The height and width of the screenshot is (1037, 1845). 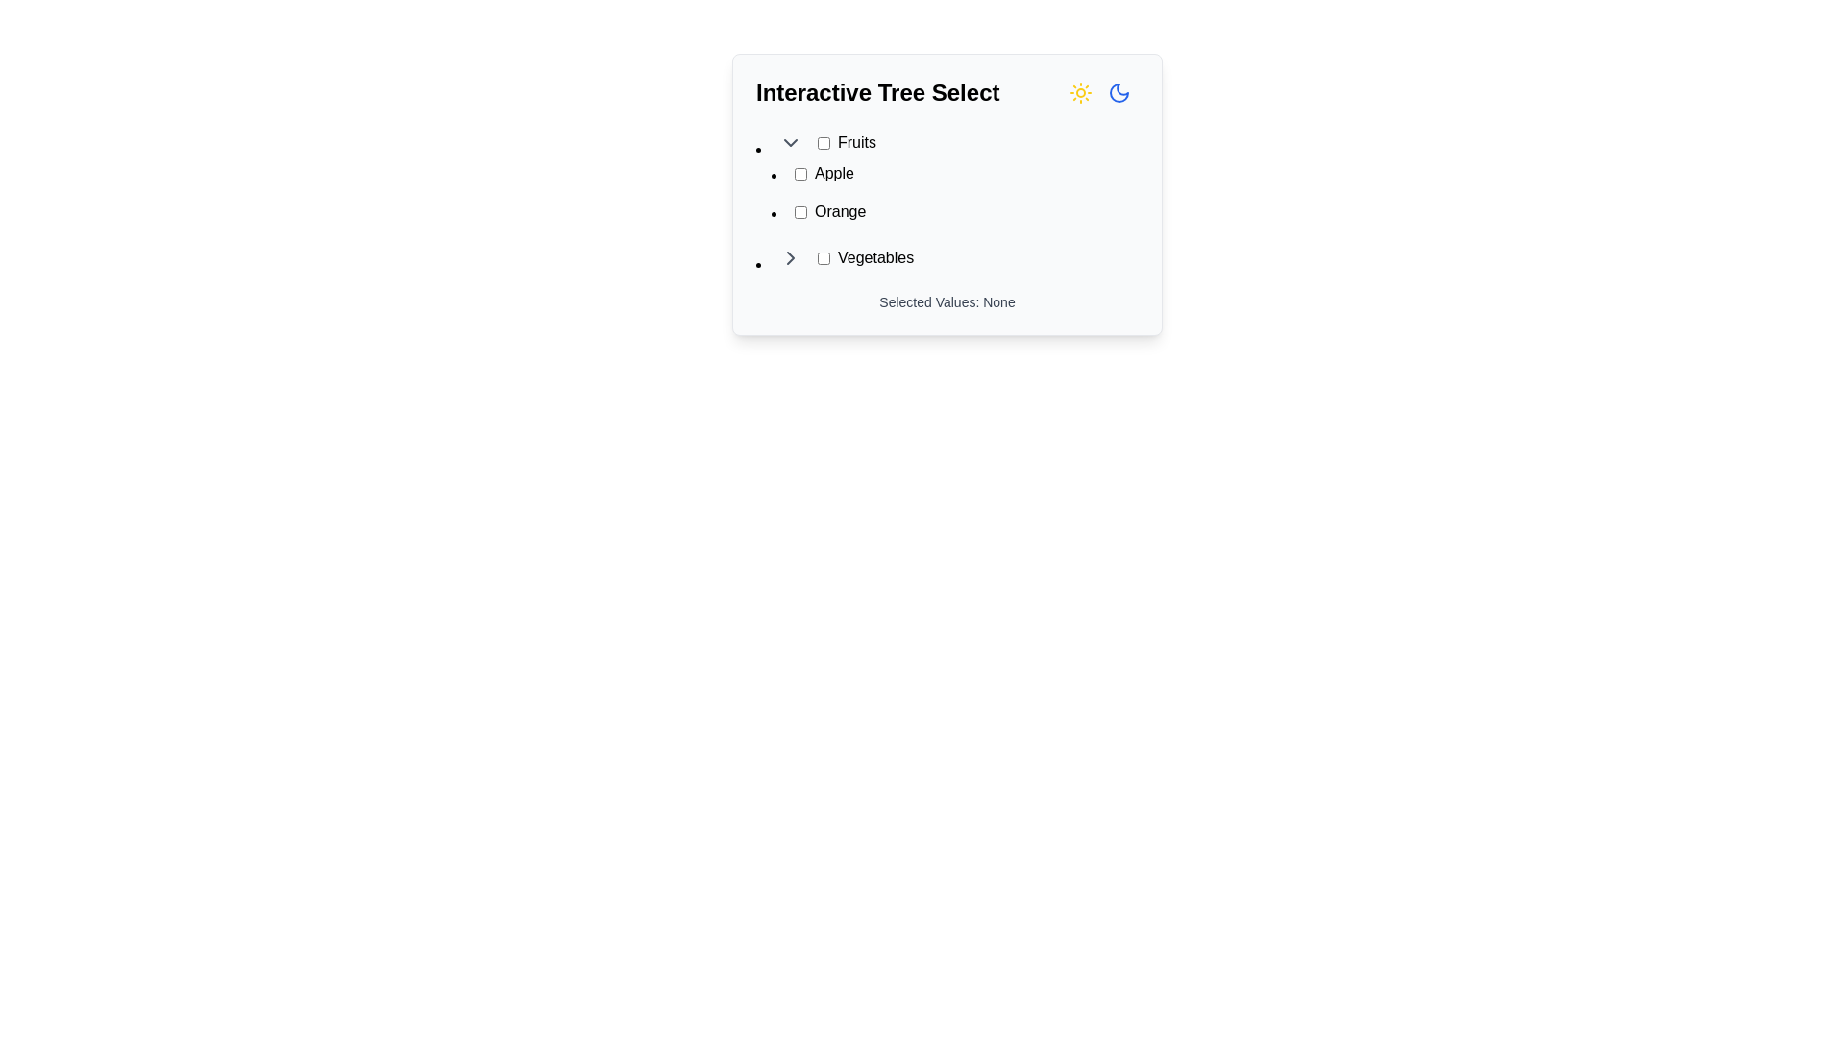 I want to click on the checkbox labeled 'Orange' in the bullet point list under the 'Fruits' category, so click(x=947, y=211).